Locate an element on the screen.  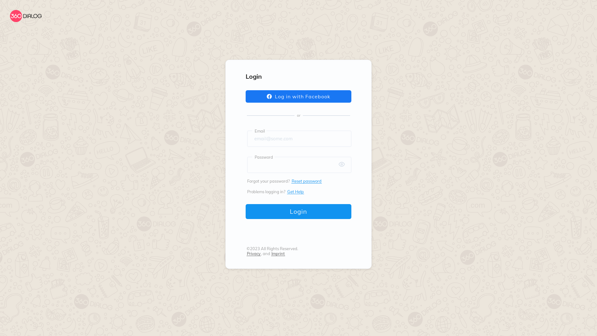
'Imprint' is located at coordinates (278, 253).